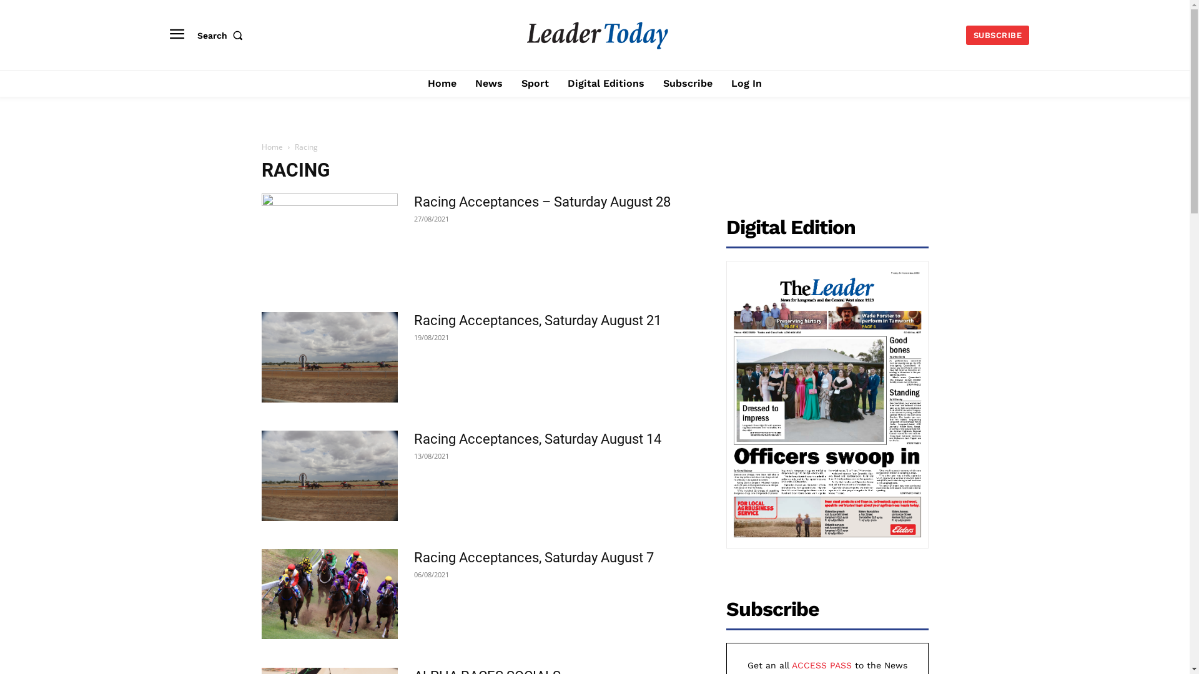 The width and height of the screenshot is (1199, 674). I want to click on 'Home', so click(442, 84).